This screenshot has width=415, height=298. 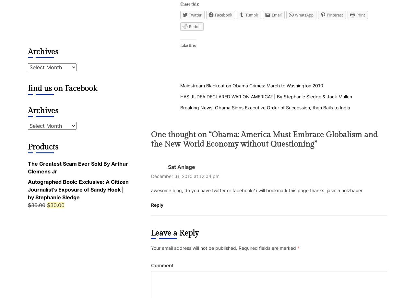 I want to click on 'Share this:', so click(x=180, y=4).